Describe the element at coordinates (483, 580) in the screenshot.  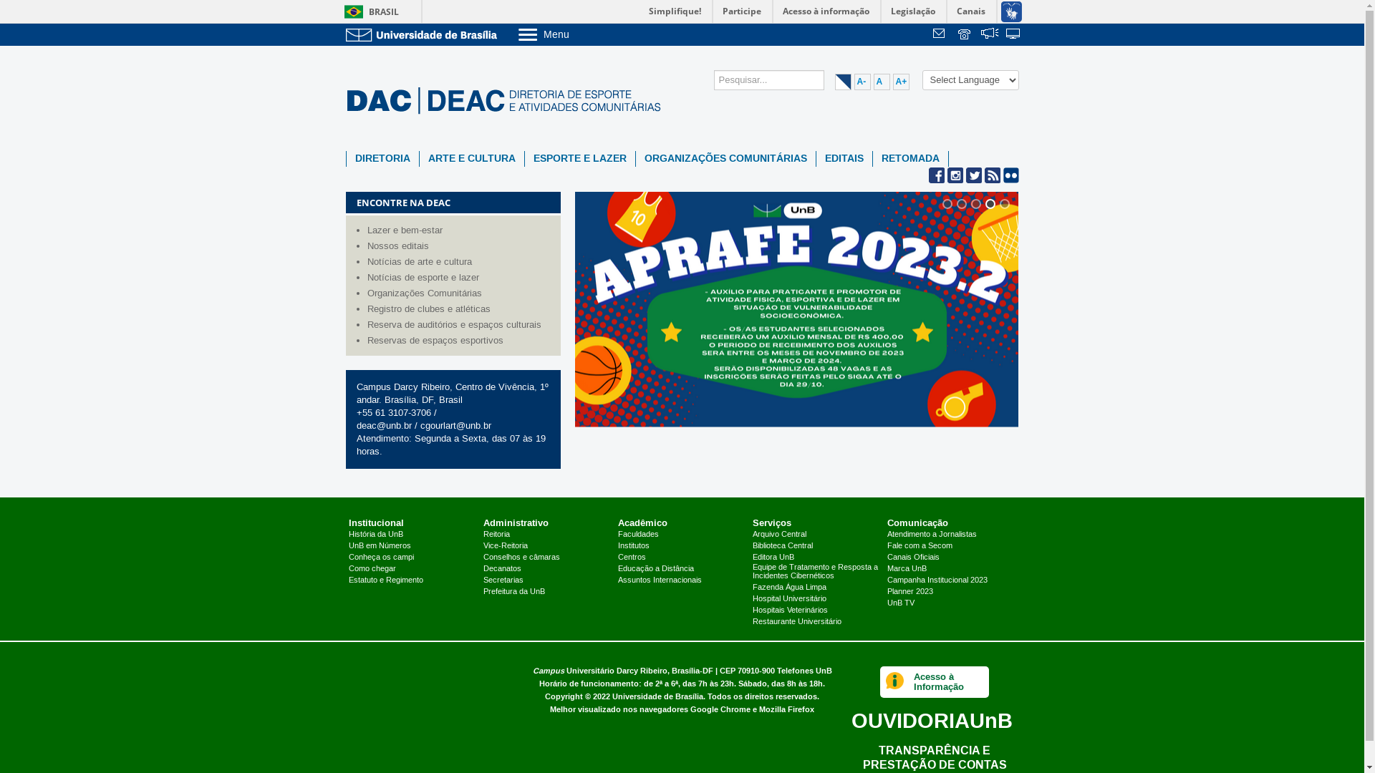
I see `'Secretarias'` at that location.